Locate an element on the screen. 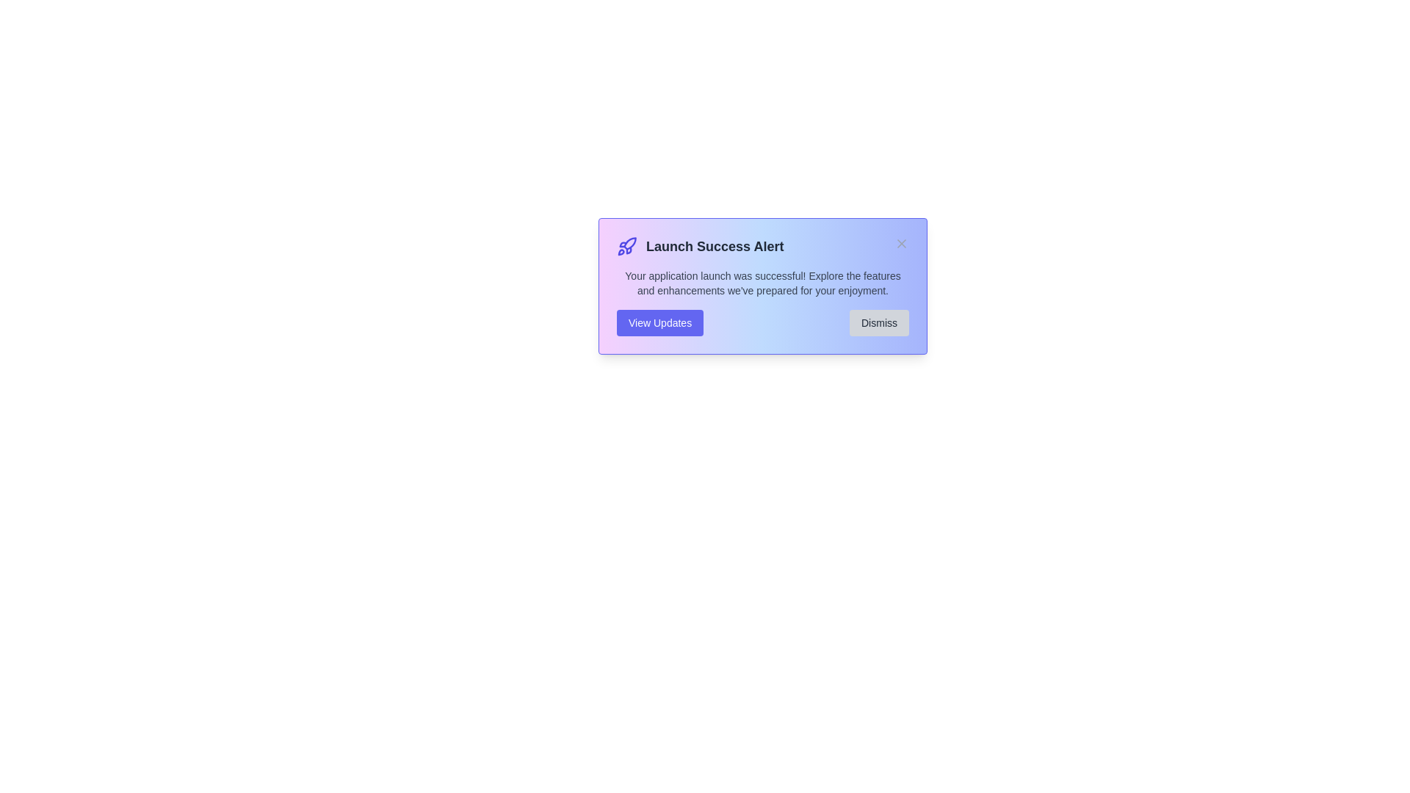 Image resolution: width=1410 pixels, height=793 pixels. 'Close Notification' button to dismiss the alert is located at coordinates (901, 242).